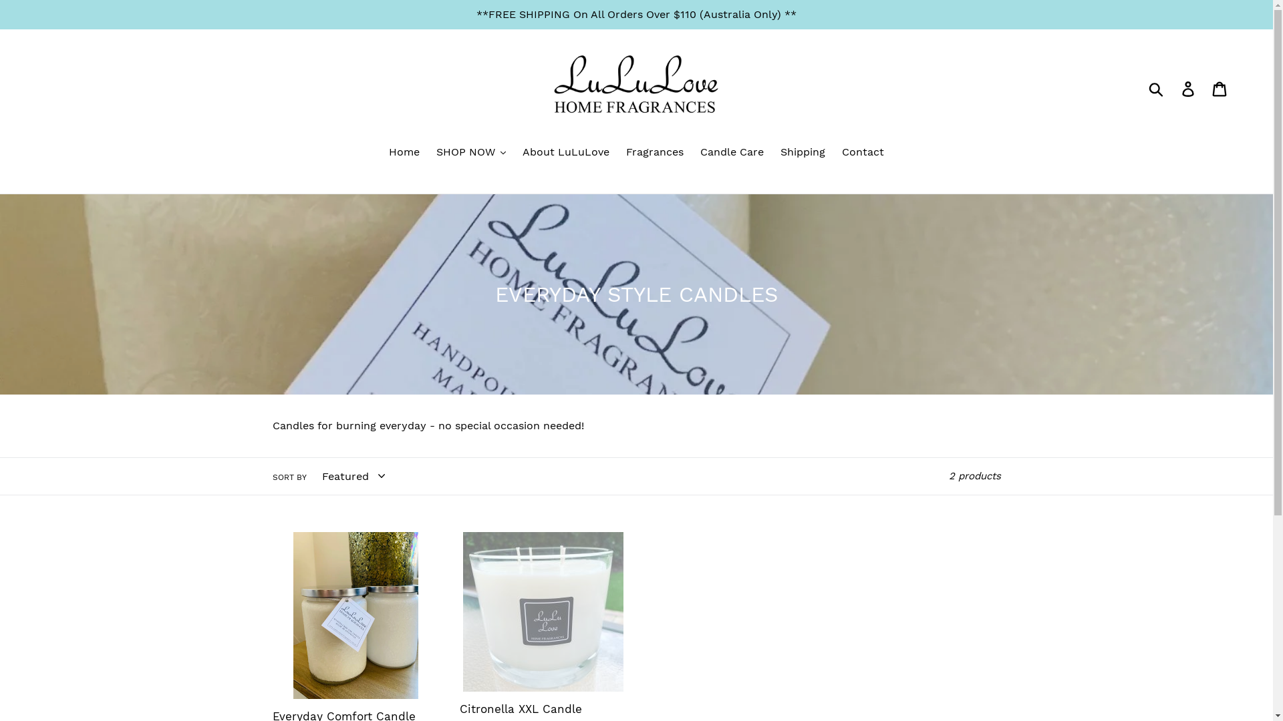  Describe the element at coordinates (403, 152) in the screenshot. I see `'Home'` at that location.